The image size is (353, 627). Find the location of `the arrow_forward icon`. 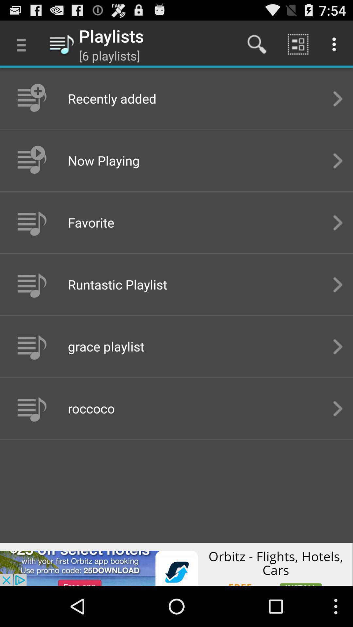

the arrow_forward icon is located at coordinates (325, 304).